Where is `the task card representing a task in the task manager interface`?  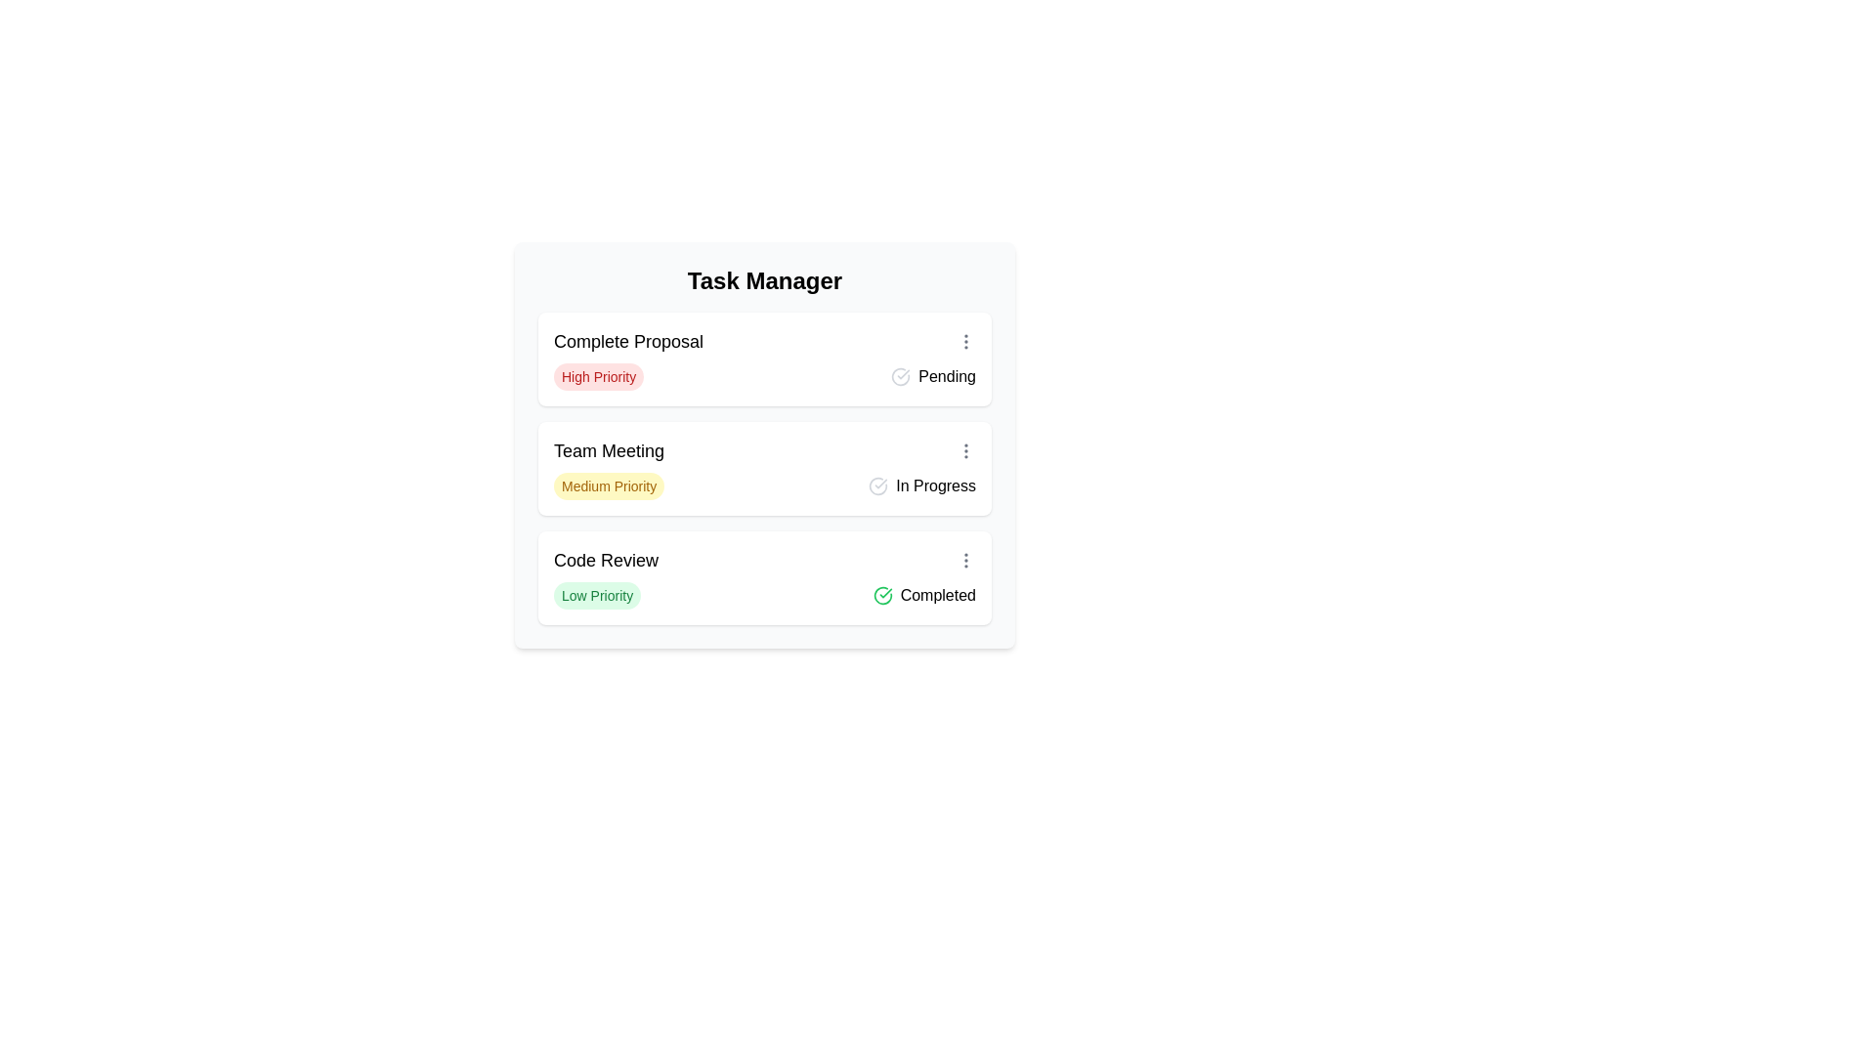
the task card representing a task in the task manager interface is located at coordinates (763, 468).